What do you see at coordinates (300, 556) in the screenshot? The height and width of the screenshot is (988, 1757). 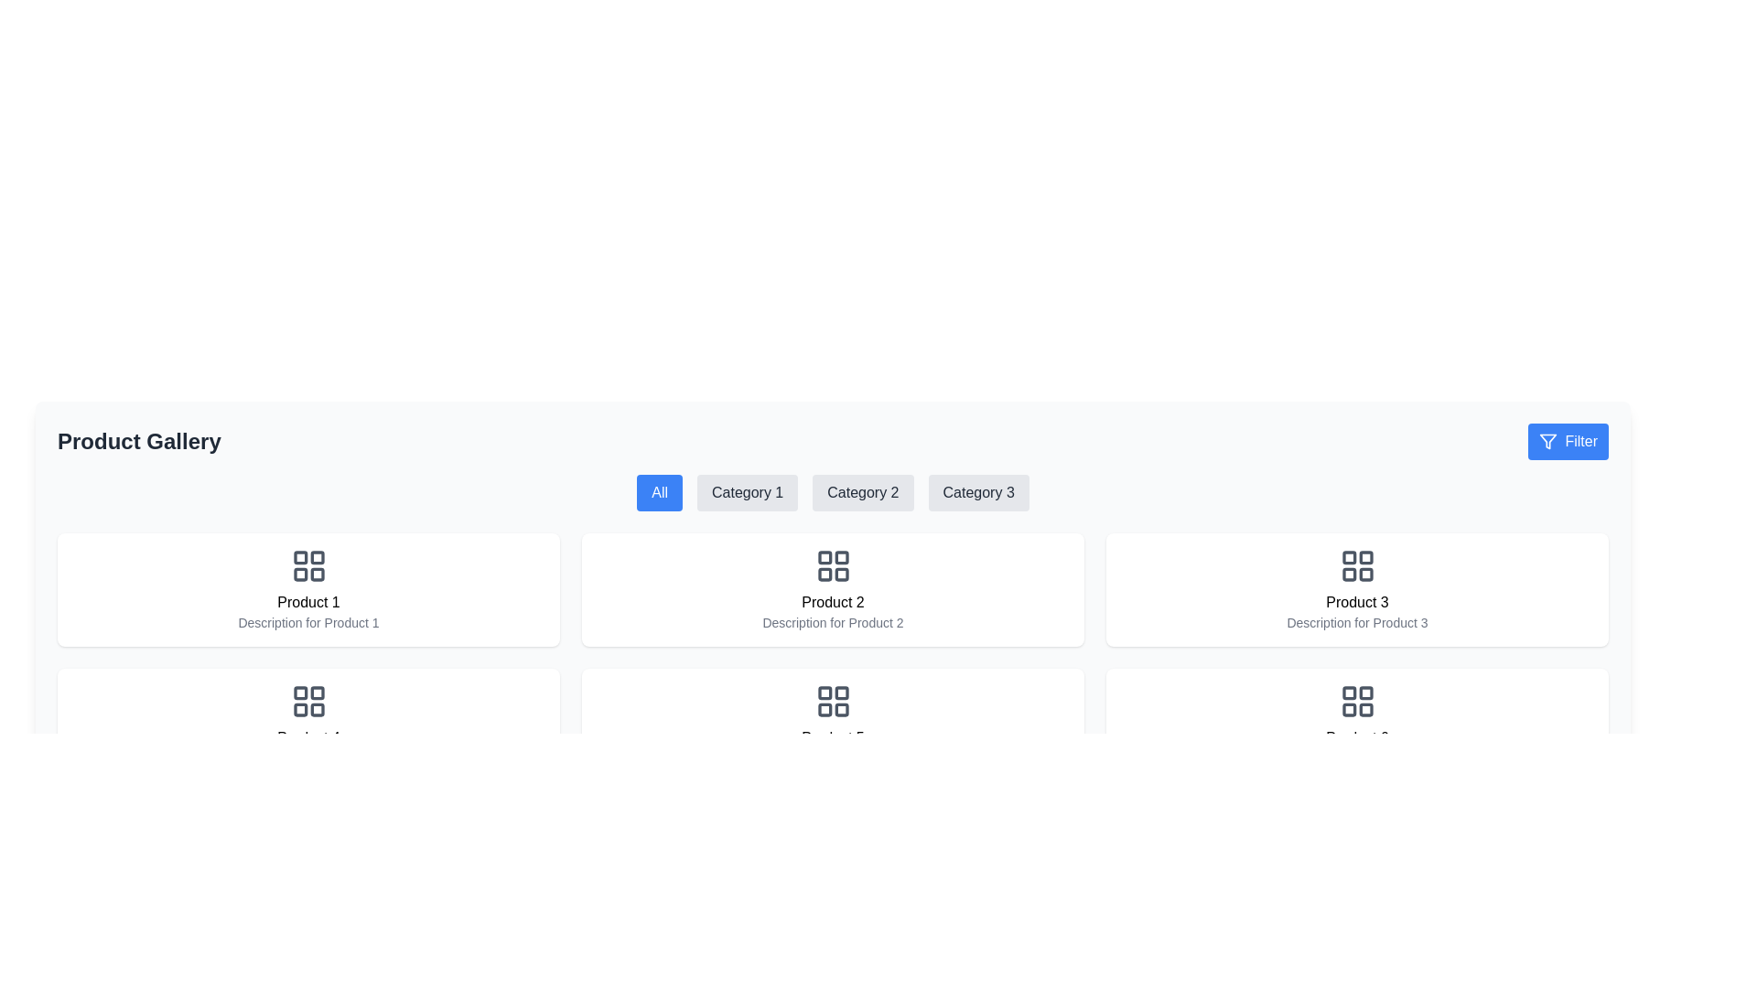 I see `the decorative square icon located in the top-left position of the 2x2 grid layout above the text 'Product 1'` at bounding box center [300, 556].